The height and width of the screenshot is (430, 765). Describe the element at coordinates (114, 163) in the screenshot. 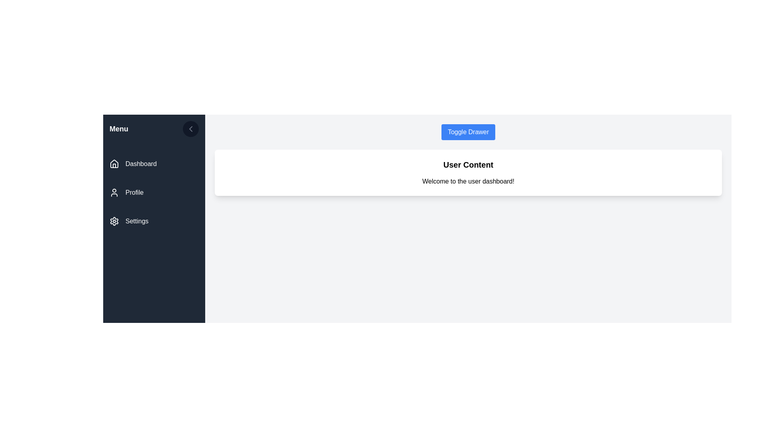

I see `the 'Home' or 'Dashboard' icon located in the sidebar menu next to the label 'Dashboard'` at that location.